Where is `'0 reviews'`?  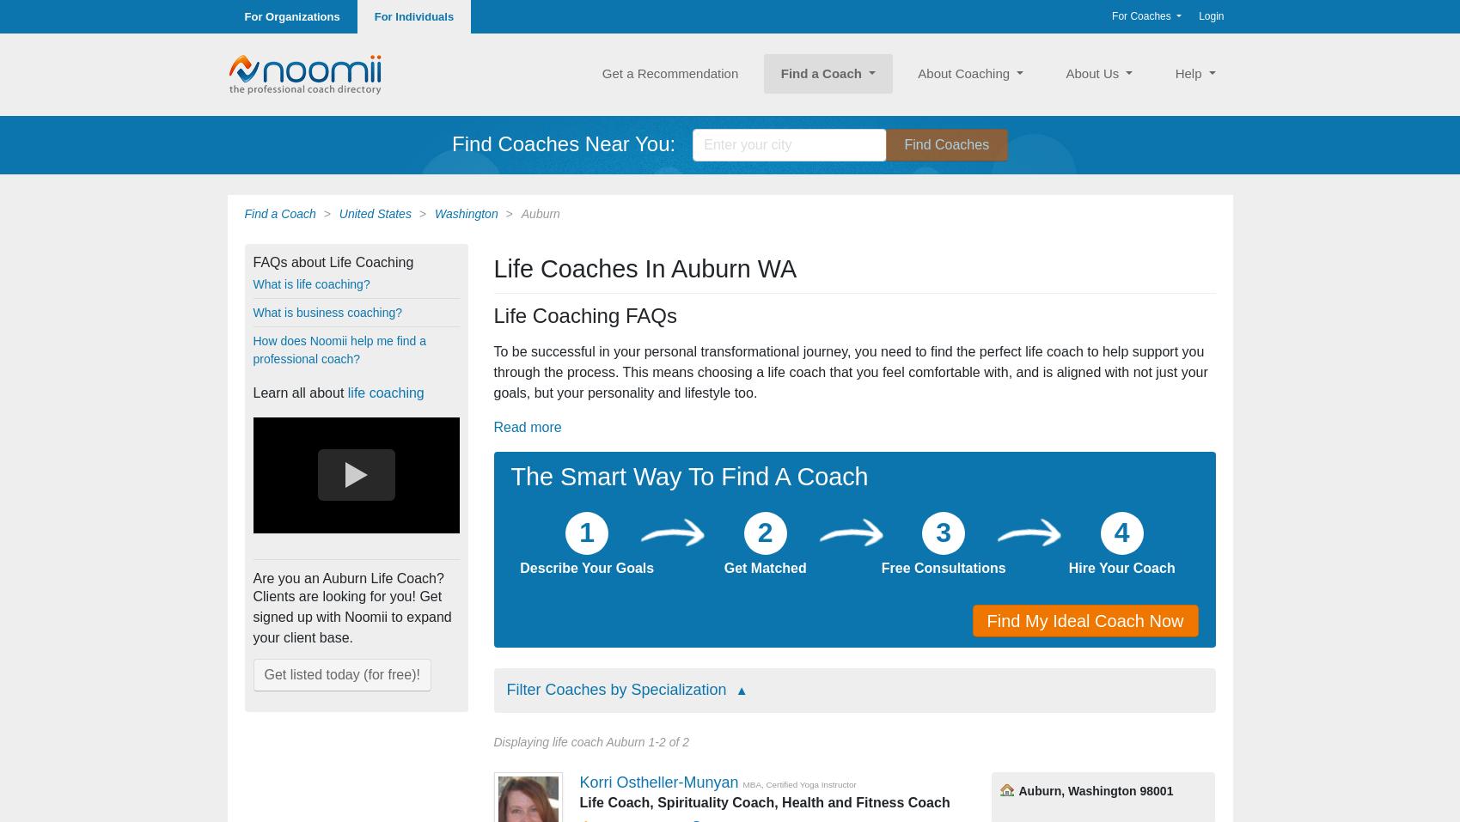 '0 reviews' is located at coordinates (942, 105).